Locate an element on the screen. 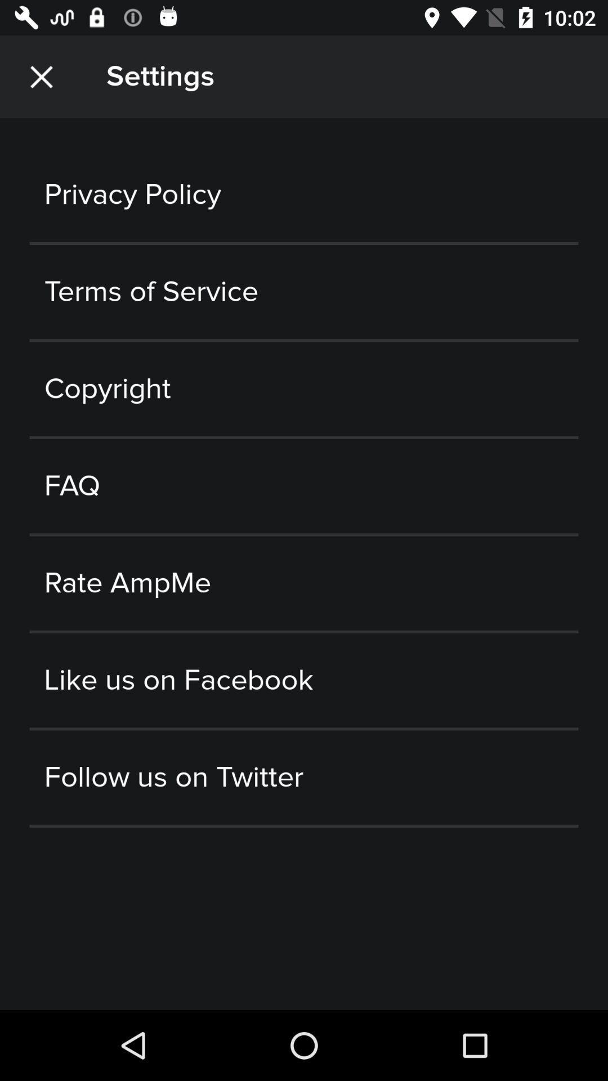  item above the privacy policy is located at coordinates (41, 76).